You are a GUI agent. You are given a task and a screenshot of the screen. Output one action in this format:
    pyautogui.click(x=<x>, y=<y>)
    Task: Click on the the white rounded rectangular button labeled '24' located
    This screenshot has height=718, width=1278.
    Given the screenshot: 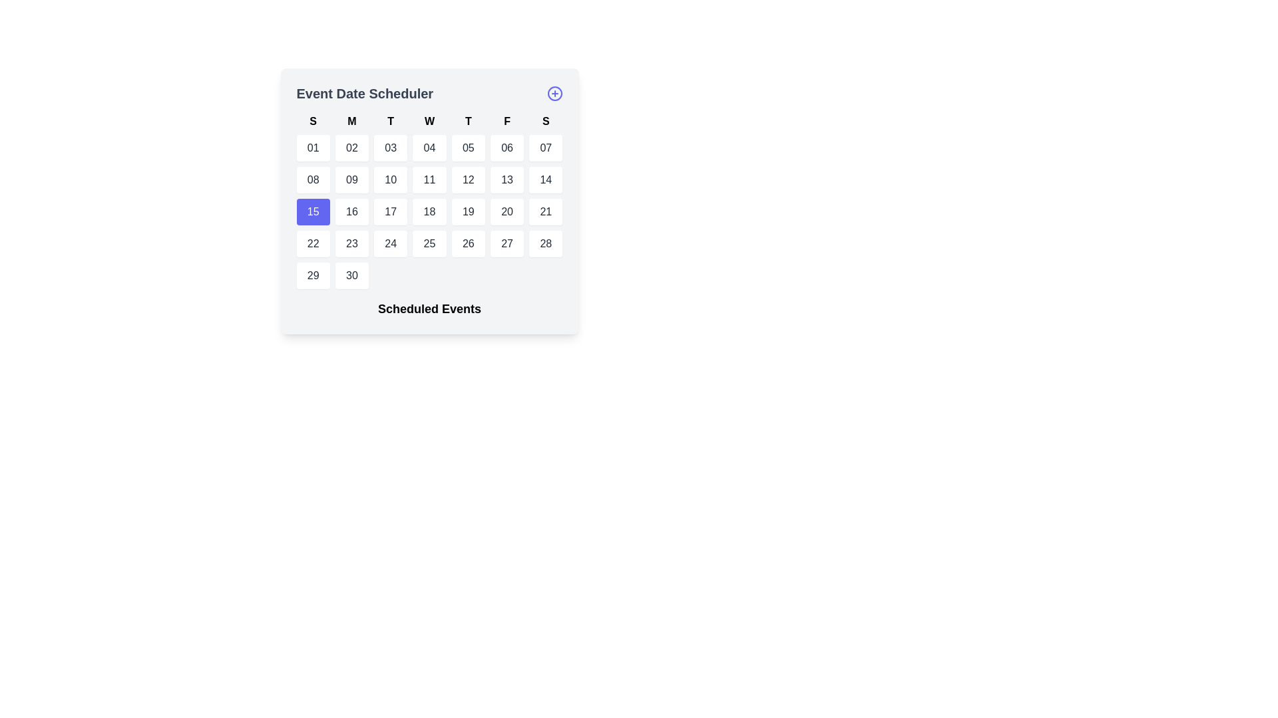 What is the action you would take?
    pyautogui.click(x=390, y=243)
    